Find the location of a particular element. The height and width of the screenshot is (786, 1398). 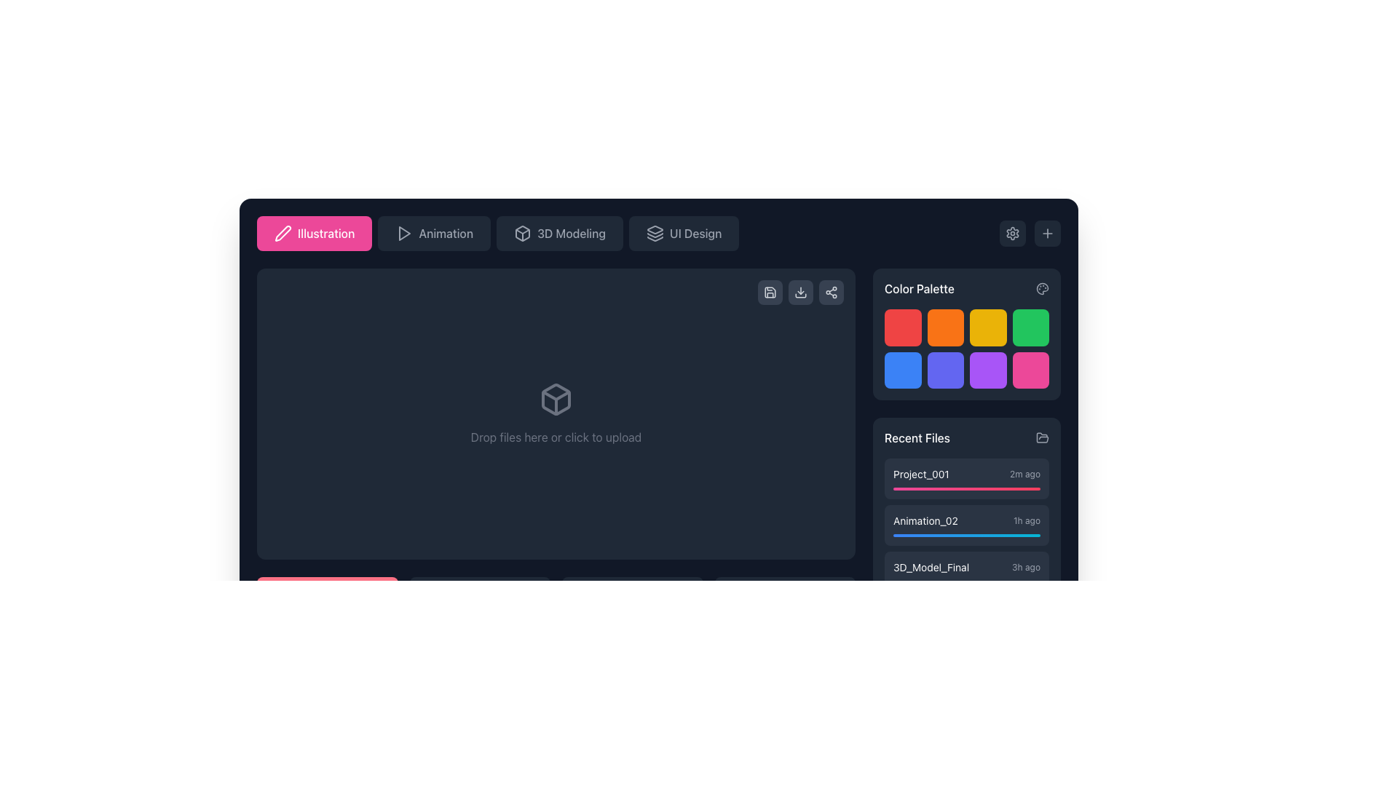

the SVG icon resembling a painter's palette located is located at coordinates (1041, 289).